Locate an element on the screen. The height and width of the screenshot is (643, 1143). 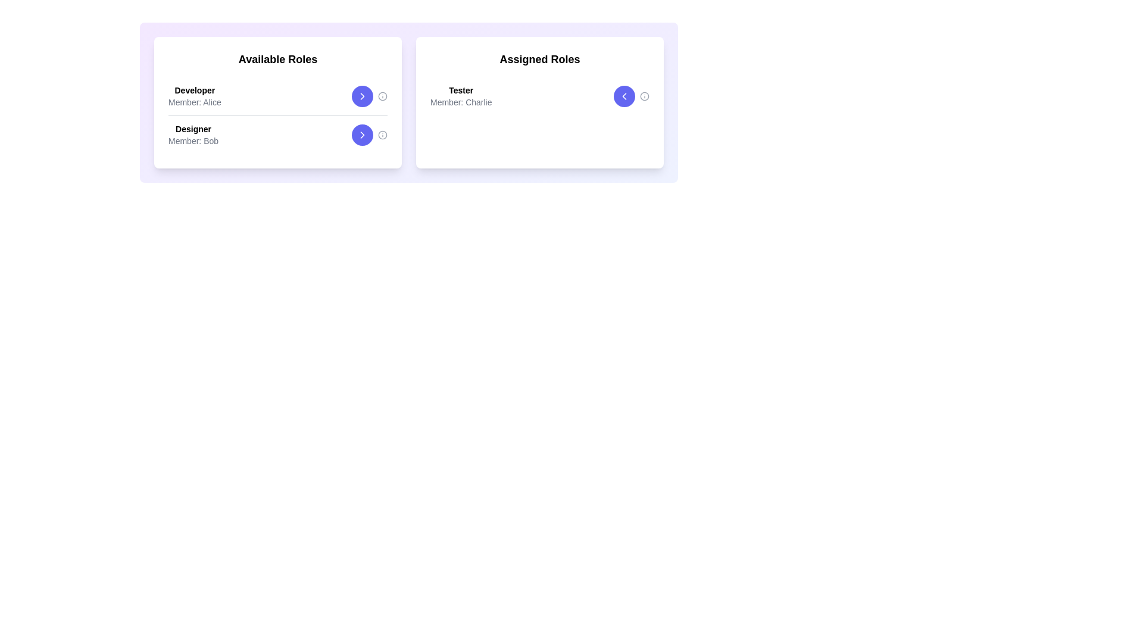
transfer button for the role Tester in the assigned list is located at coordinates (624, 96).